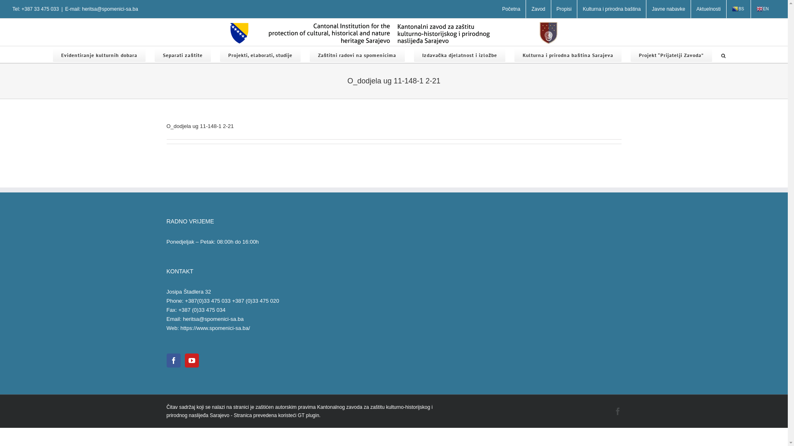 This screenshot has height=446, width=794. Describe the element at coordinates (65, 9) in the screenshot. I see `'E-mail: heritsa@spomenici-sa.ba'` at that location.